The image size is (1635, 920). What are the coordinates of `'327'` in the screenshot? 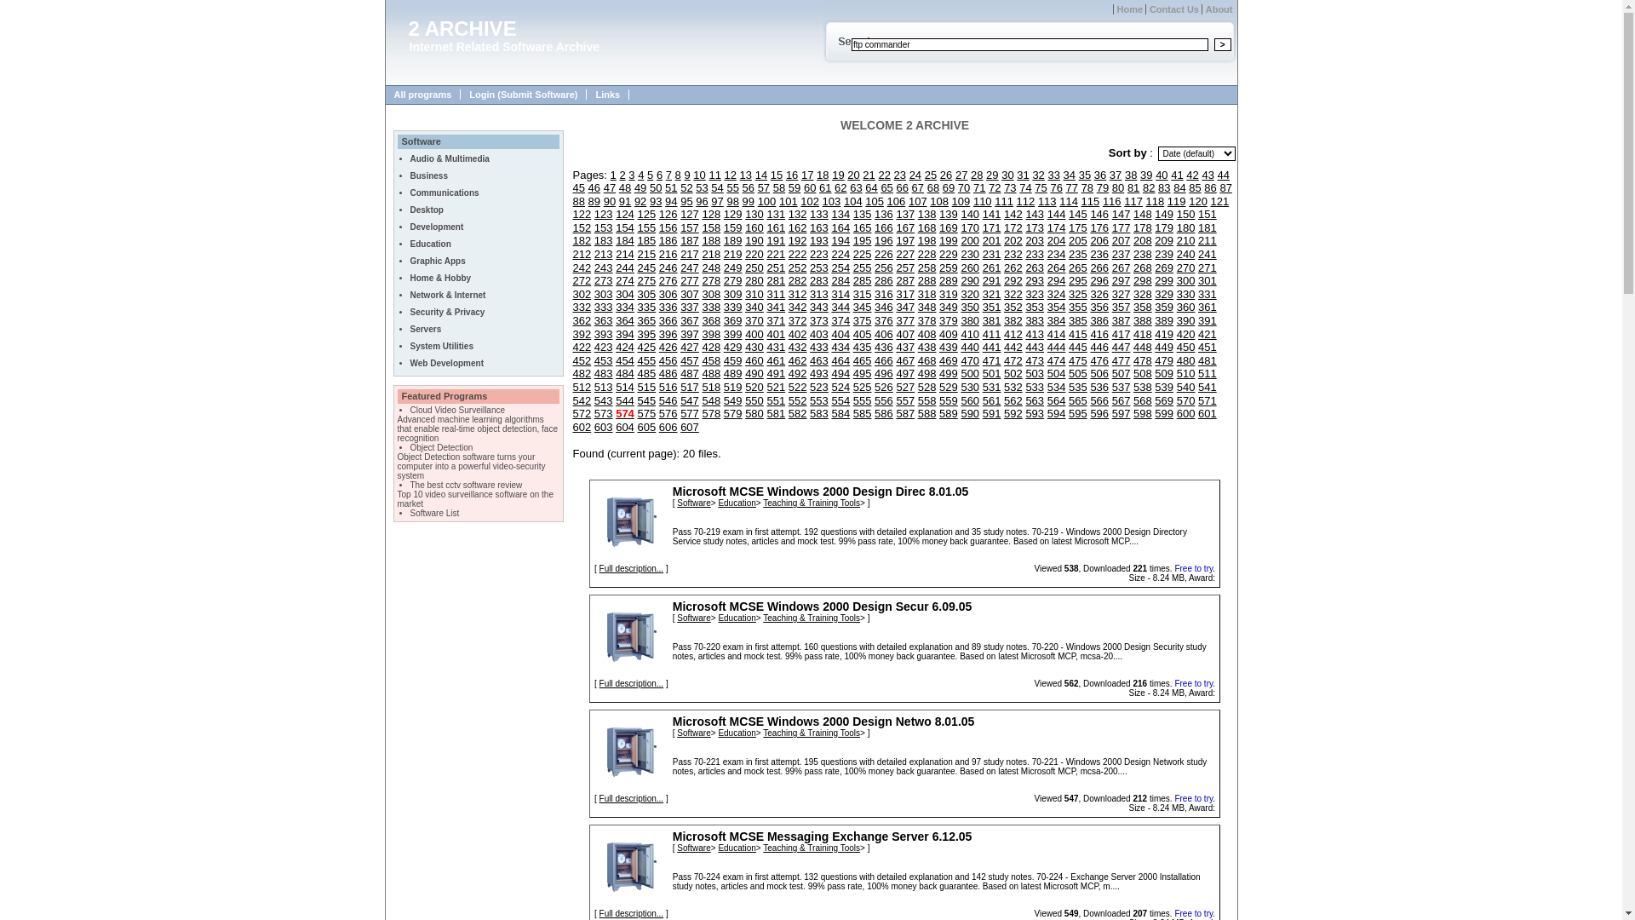 It's located at (1121, 293).